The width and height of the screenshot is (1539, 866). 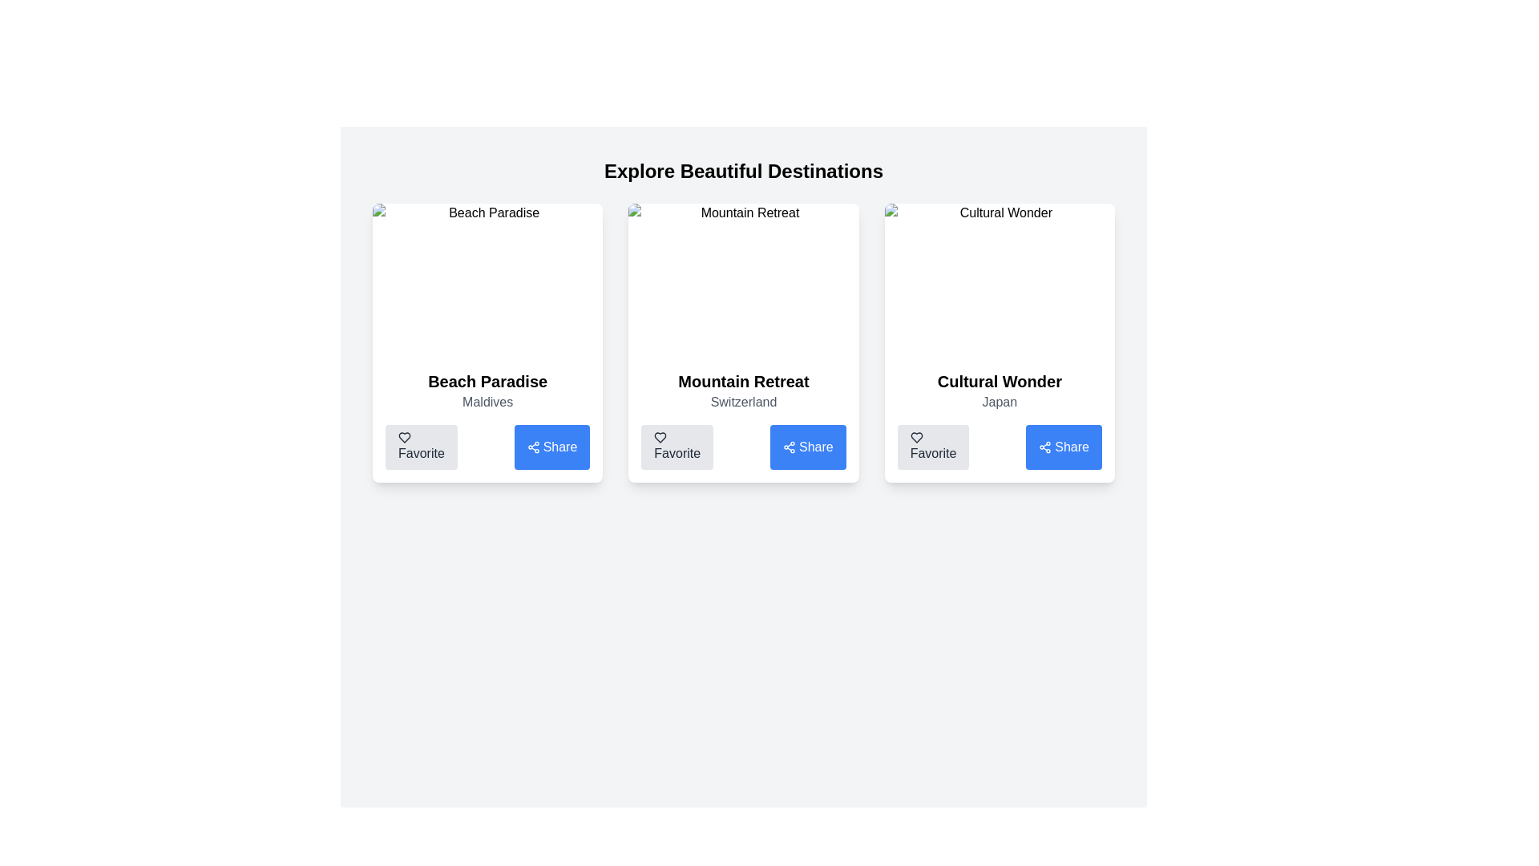 I want to click on the heart-shaped icon in the 'Favorite' button of the second card labeled 'Mountain Retreat', so click(x=660, y=438).